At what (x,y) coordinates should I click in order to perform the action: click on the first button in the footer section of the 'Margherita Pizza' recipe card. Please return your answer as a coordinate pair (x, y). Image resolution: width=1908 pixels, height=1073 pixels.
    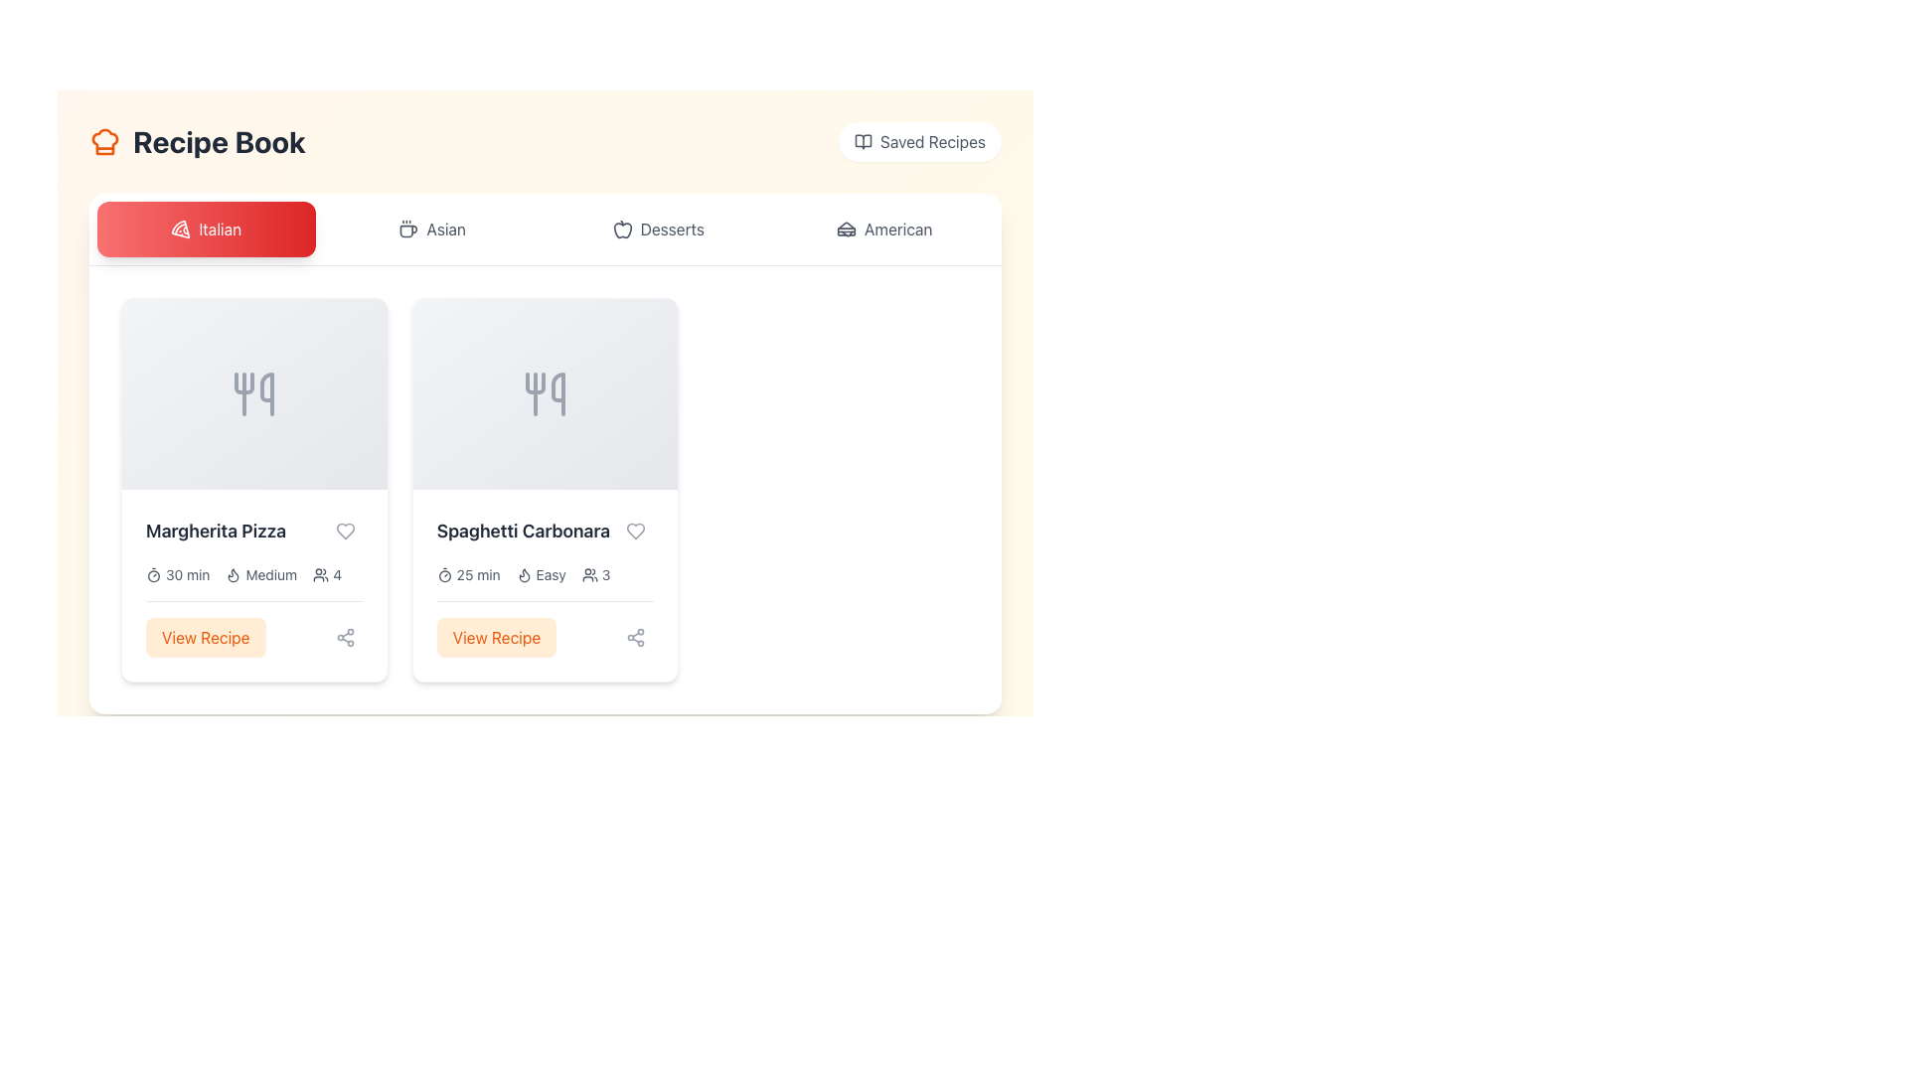
    Looking at the image, I should click on (206, 637).